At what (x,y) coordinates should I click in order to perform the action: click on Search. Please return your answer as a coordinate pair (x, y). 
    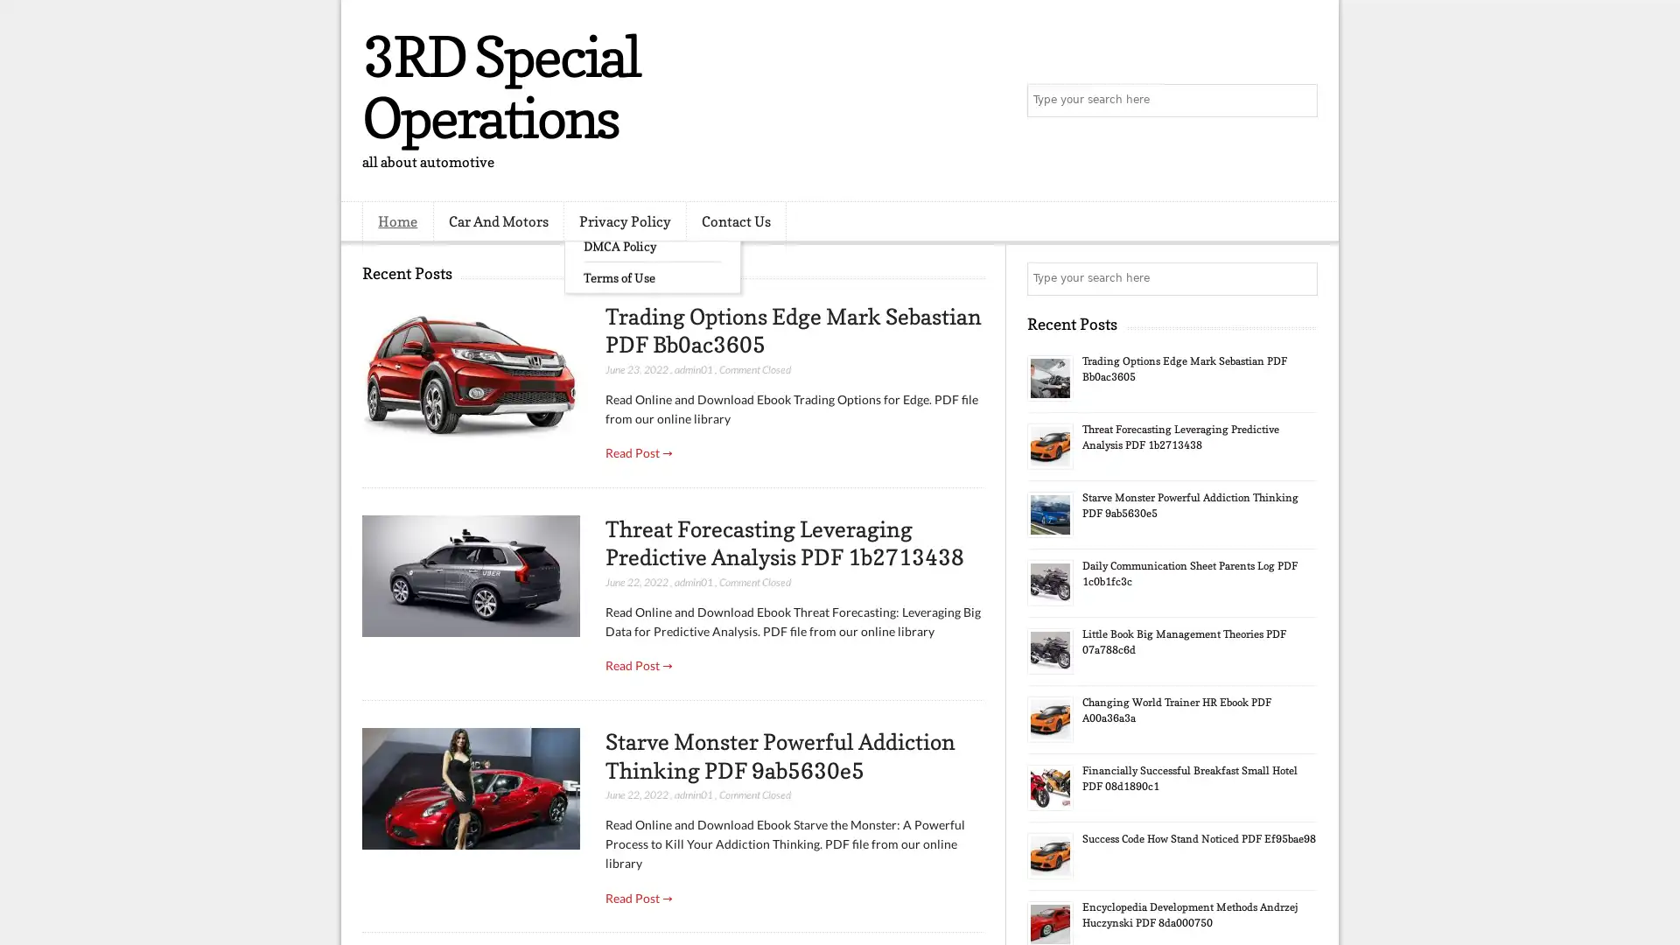
    Looking at the image, I should click on (1299, 101).